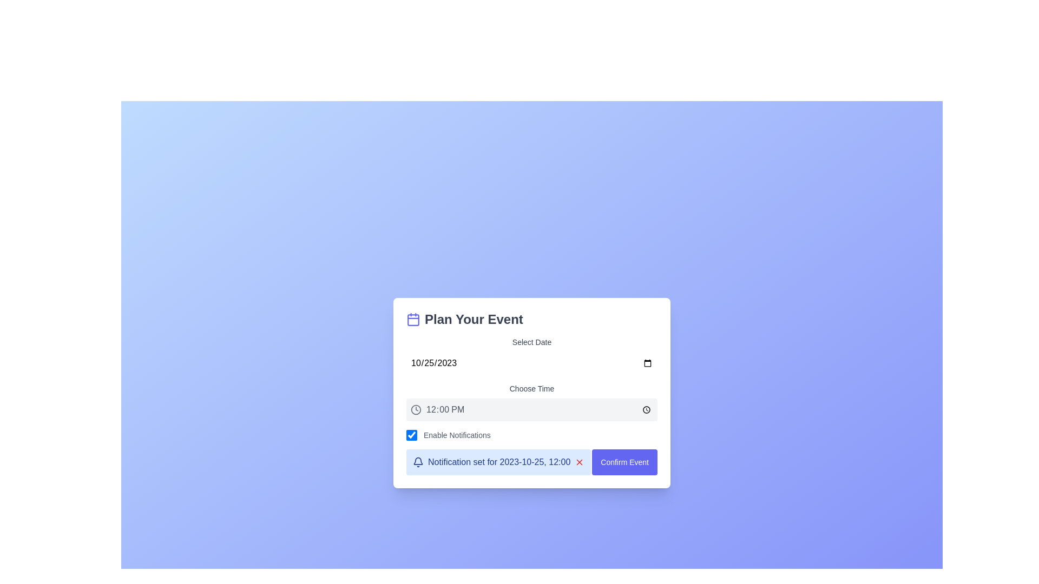 The height and width of the screenshot is (584, 1039). Describe the element at coordinates (417, 462) in the screenshot. I see `the notification icon located to the left of the text 'Notification set for 2023-10-25, 12:00' in the notification bar` at that location.